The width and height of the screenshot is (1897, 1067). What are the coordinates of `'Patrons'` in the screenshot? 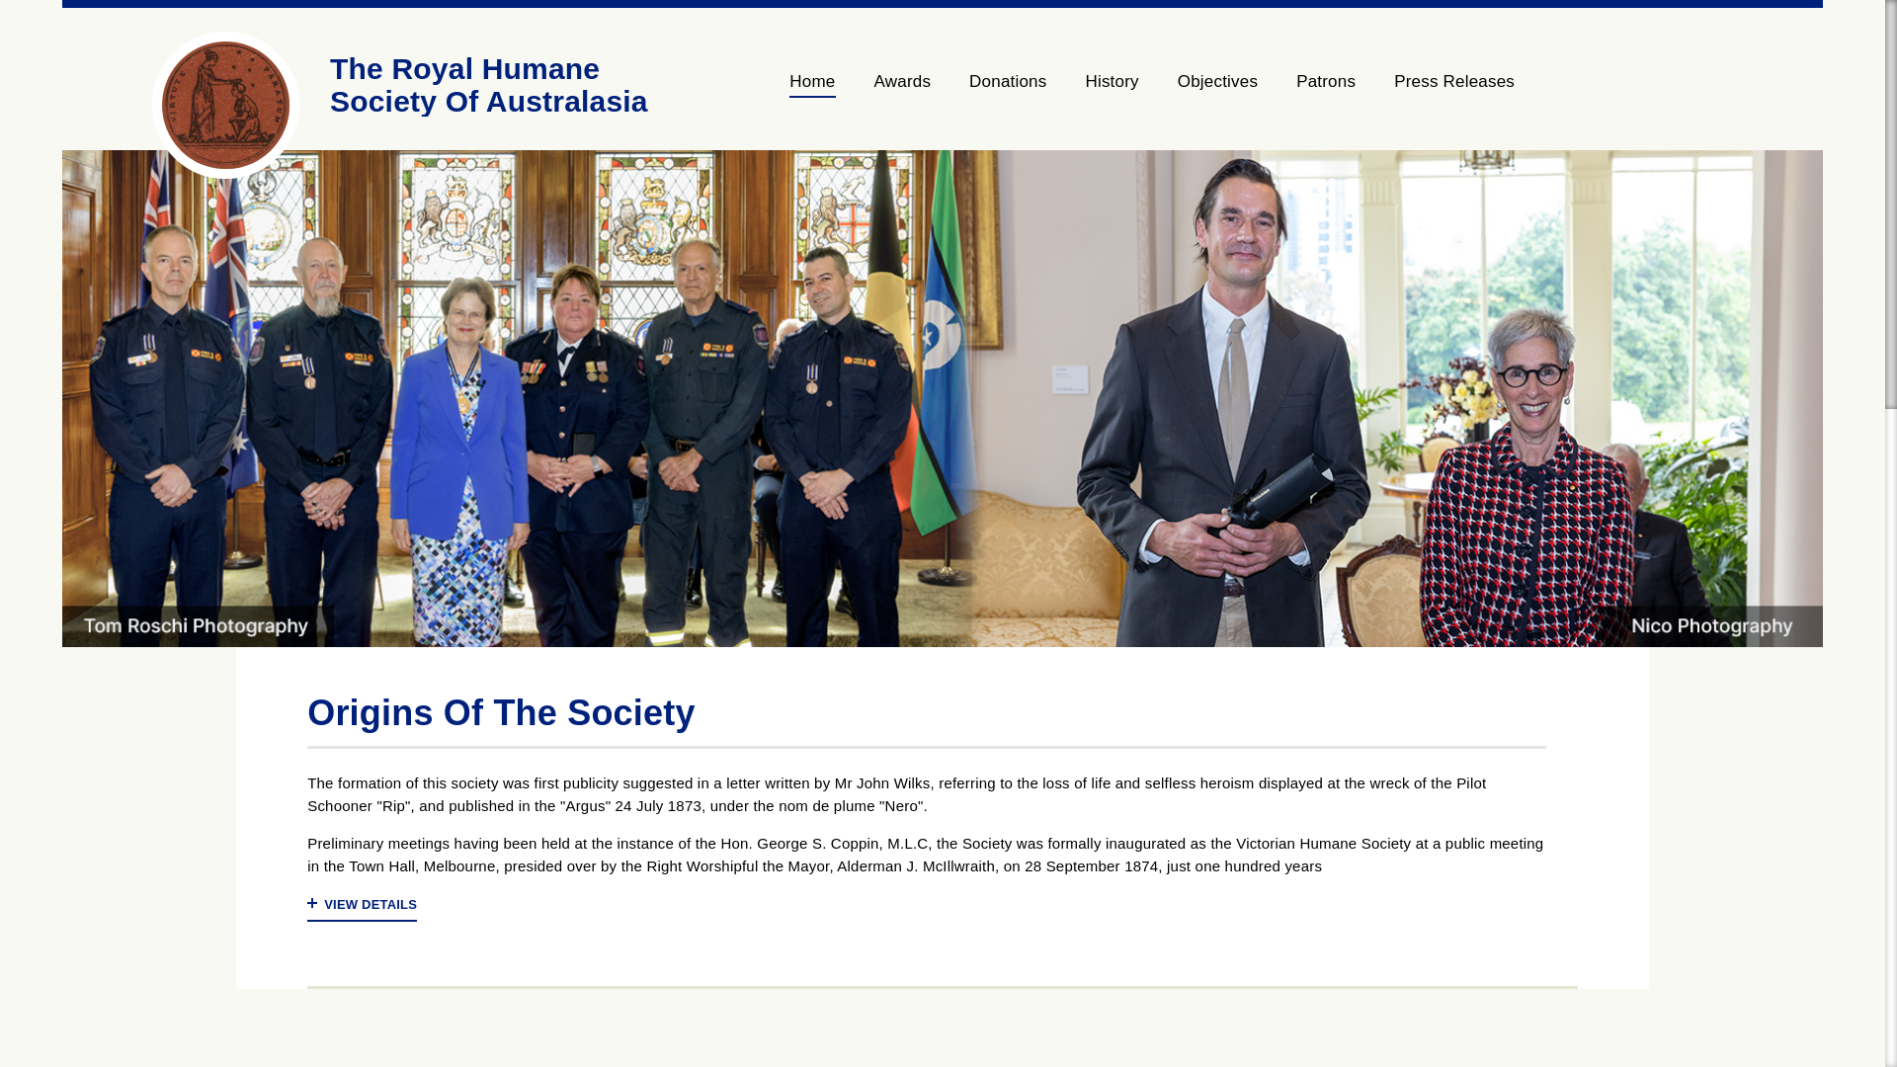 It's located at (1277, 90).